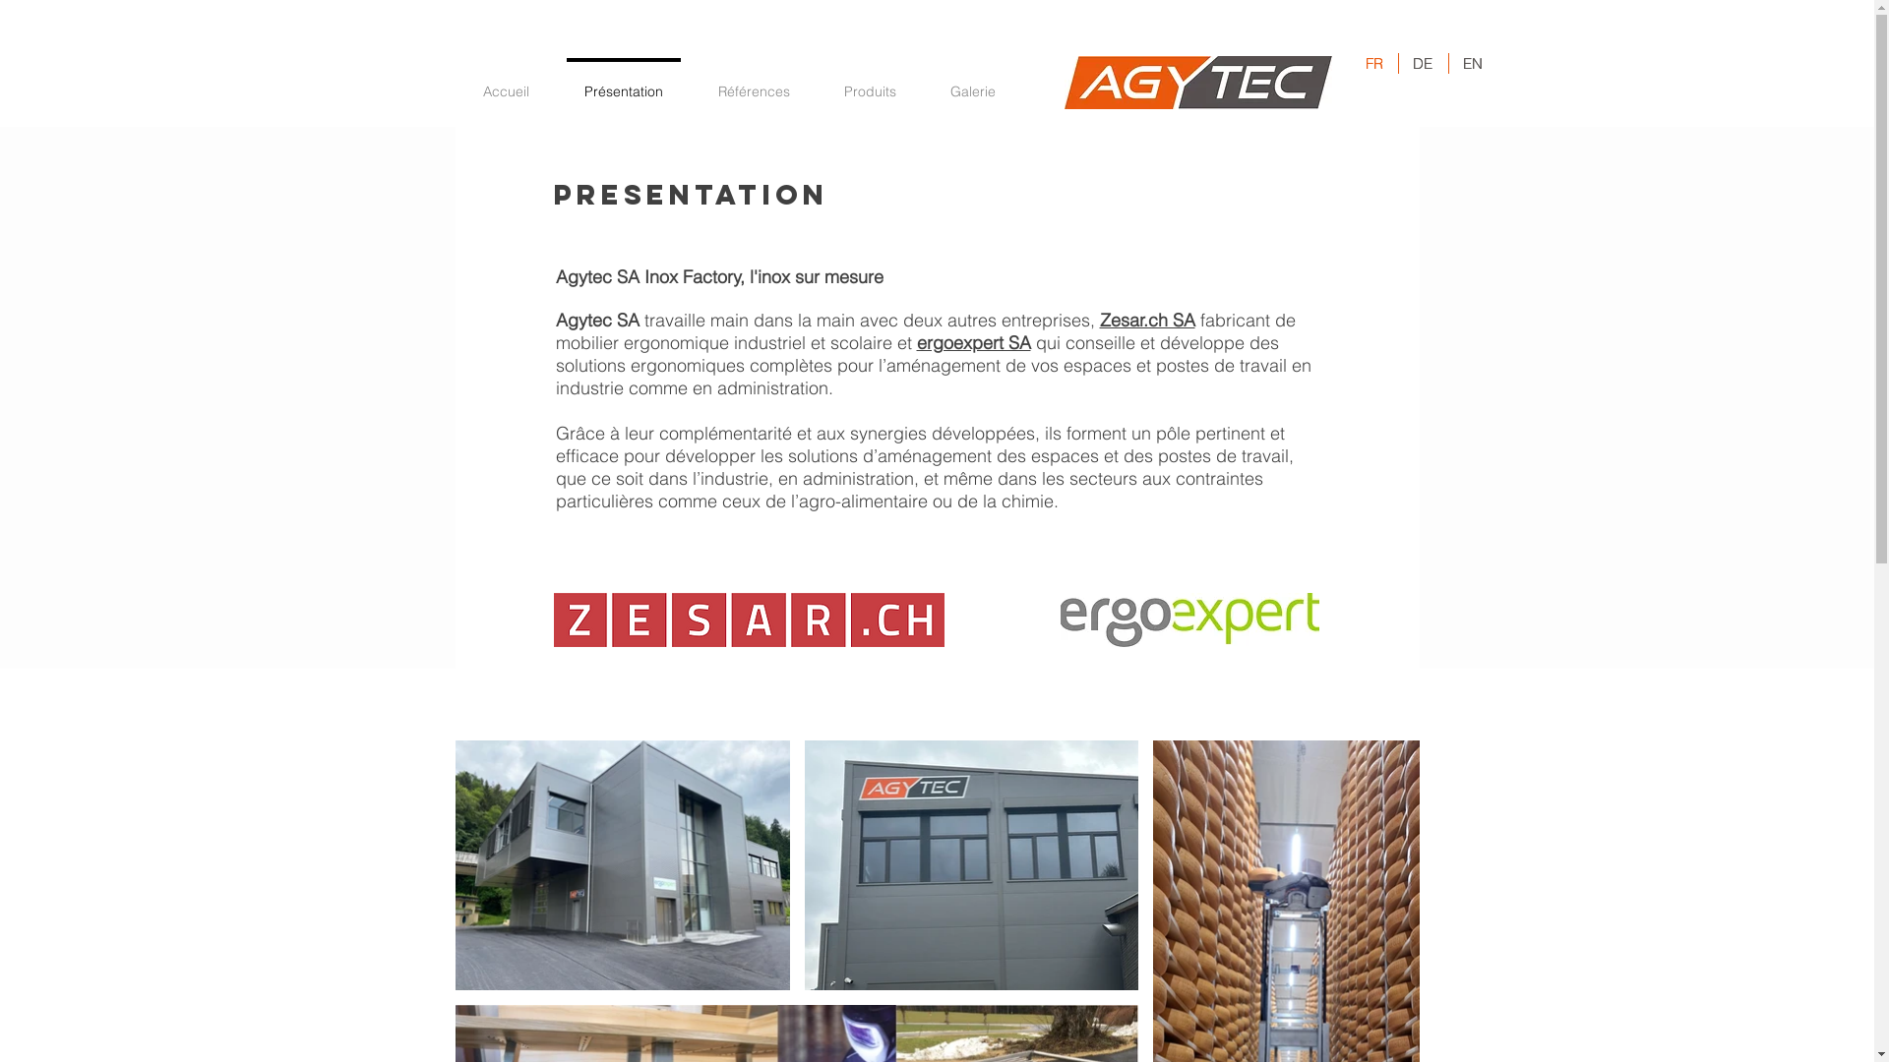 The width and height of the screenshot is (1889, 1062). Describe the element at coordinates (973, 341) in the screenshot. I see `'ergoexpert SA'` at that location.